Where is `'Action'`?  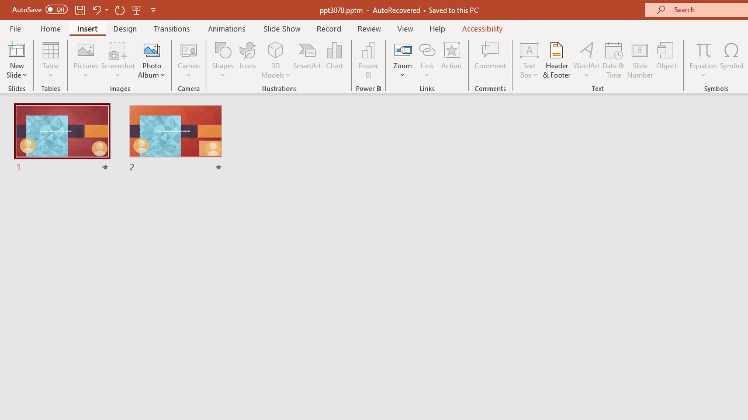
'Action' is located at coordinates (451, 60).